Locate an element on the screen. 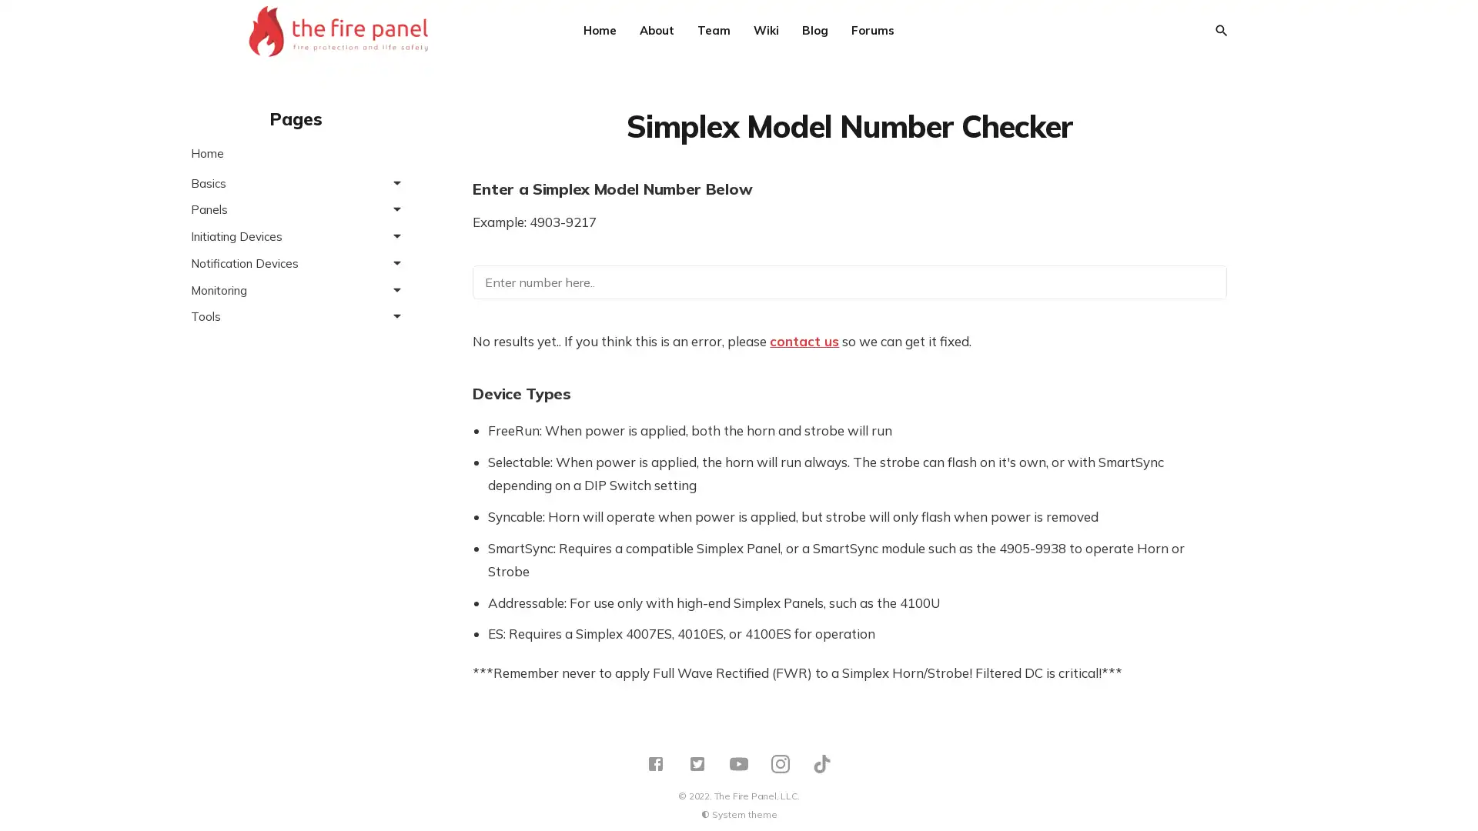 The height and width of the screenshot is (831, 1478). Panels is located at coordinates (296, 209).